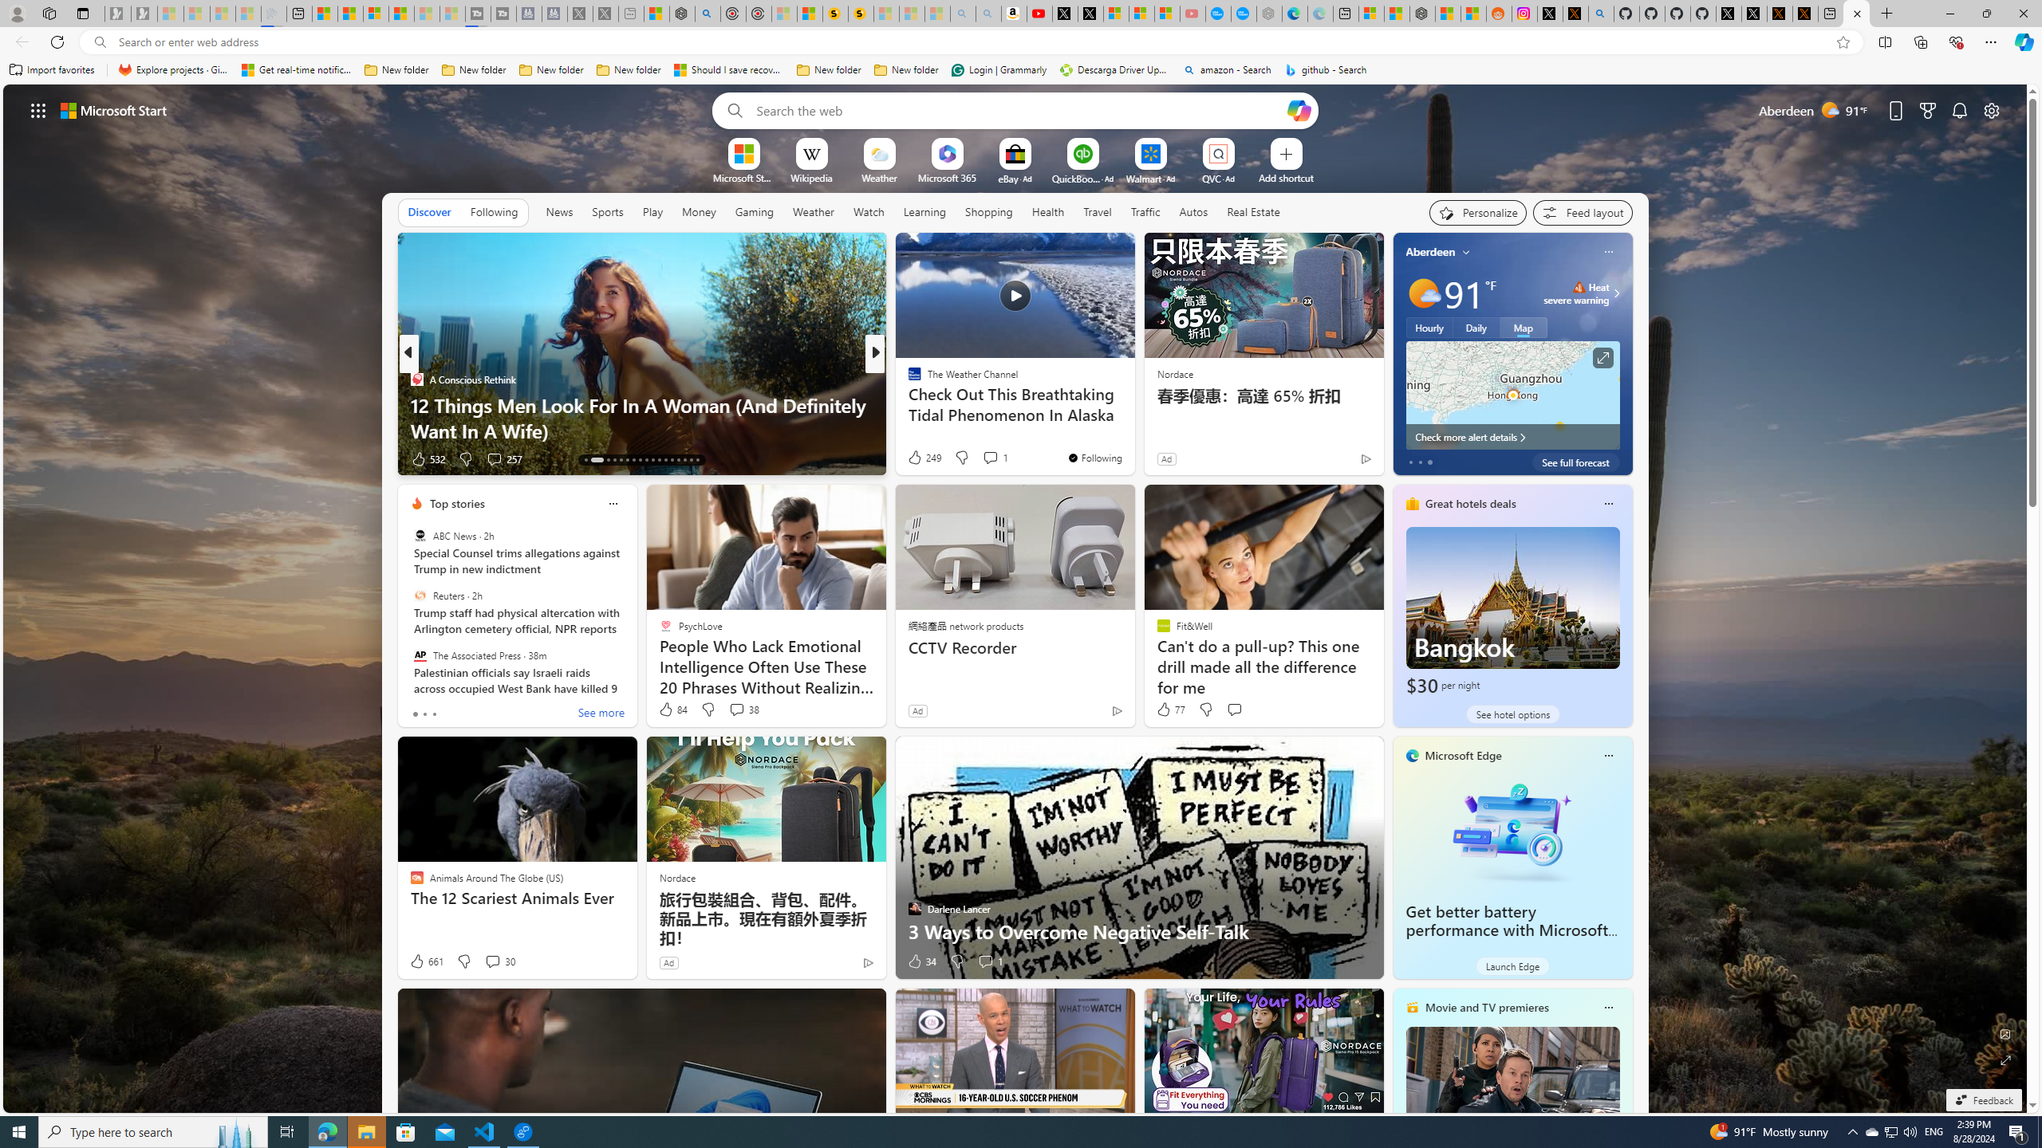  Describe the element at coordinates (985, 458) in the screenshot. I see `'View comments 5 Comment'` at that location.